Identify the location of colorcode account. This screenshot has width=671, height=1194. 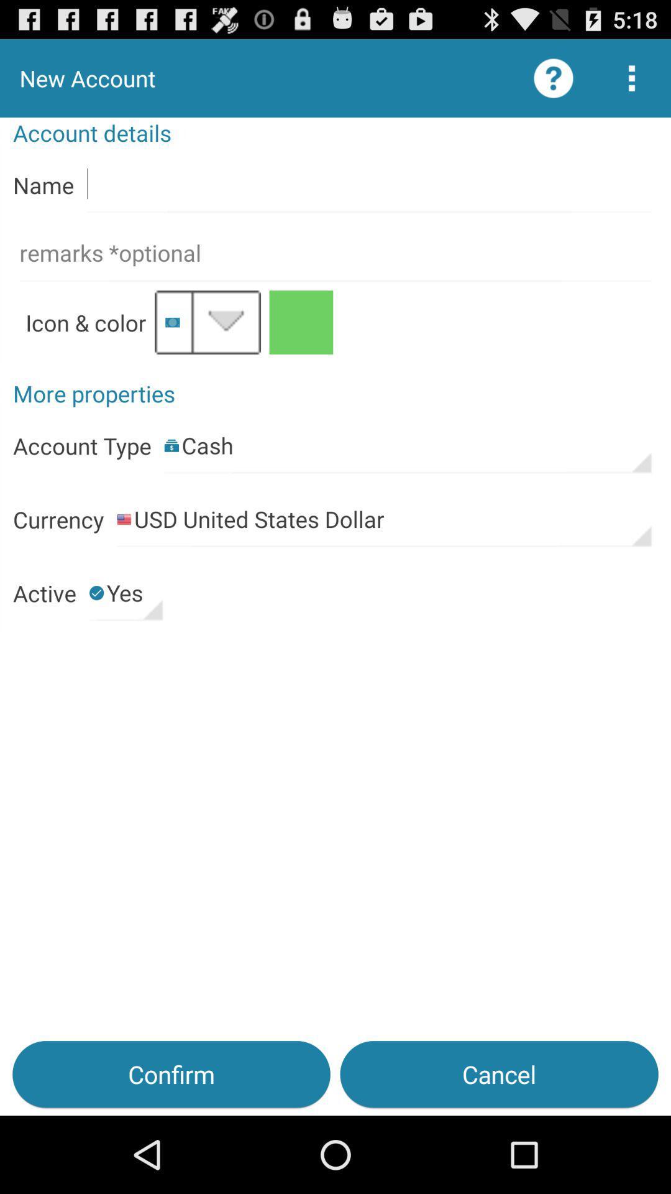
(301, 322).